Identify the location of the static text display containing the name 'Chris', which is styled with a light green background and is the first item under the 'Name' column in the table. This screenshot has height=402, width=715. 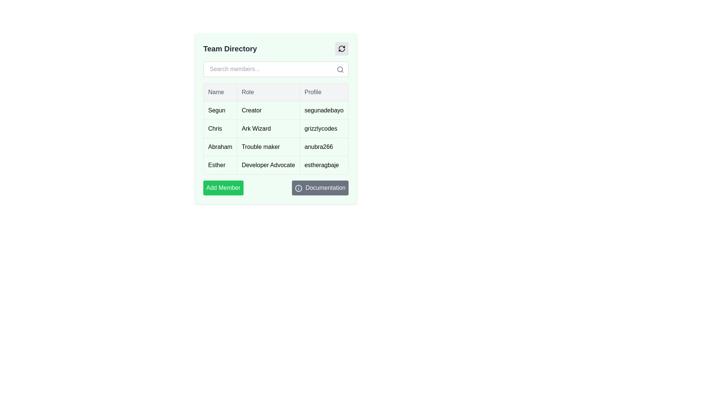
(220, 128).